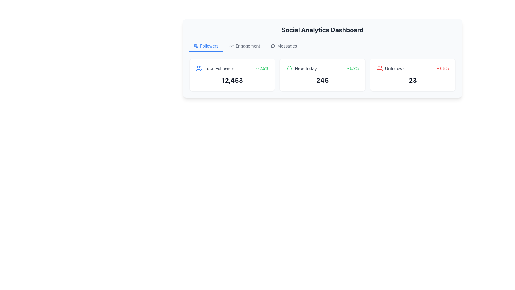 This screenshot has width=515, height=290. Describe the element at coordinates (438, 68) in the screenshot. I see `the downward-pointing chevron icon located to the left of the text '0.8%' in the bottom right box of the dashboard` at that location.